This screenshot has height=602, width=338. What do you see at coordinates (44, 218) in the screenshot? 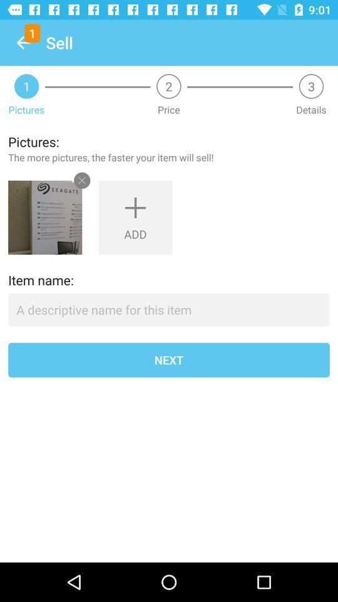
I see `icon to the left of add` at bounding box center [44, 218].